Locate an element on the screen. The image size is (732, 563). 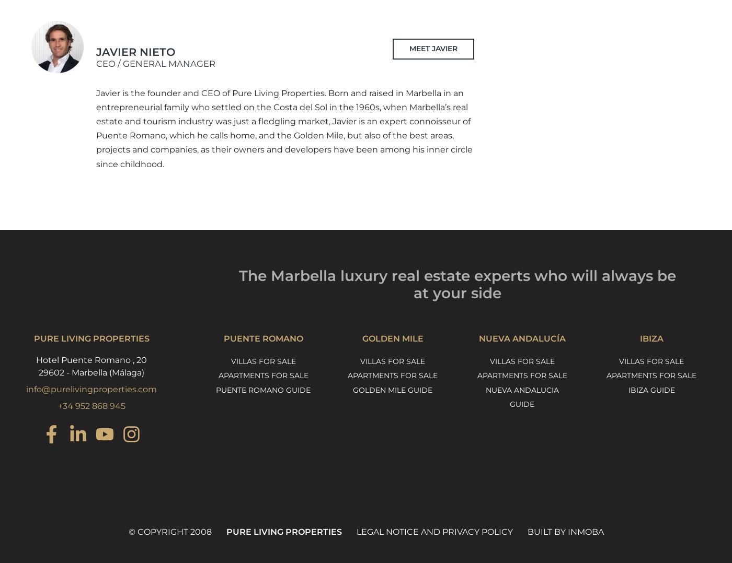
'+34 952 868 945' is located at coordinates (91, 405).